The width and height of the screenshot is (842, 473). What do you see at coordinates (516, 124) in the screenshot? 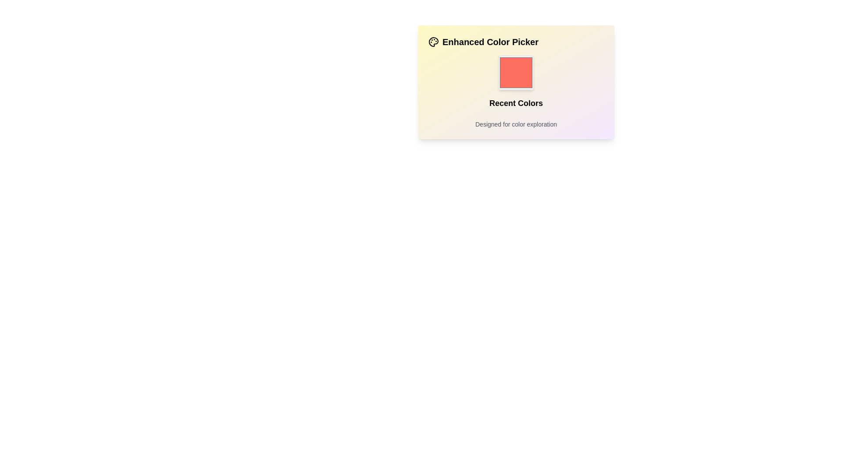
I see `the informational Text label located beneath the 'Recent Colors' label in the 'Enhanced Color Picker' panel` at bounding box center [516, 124].